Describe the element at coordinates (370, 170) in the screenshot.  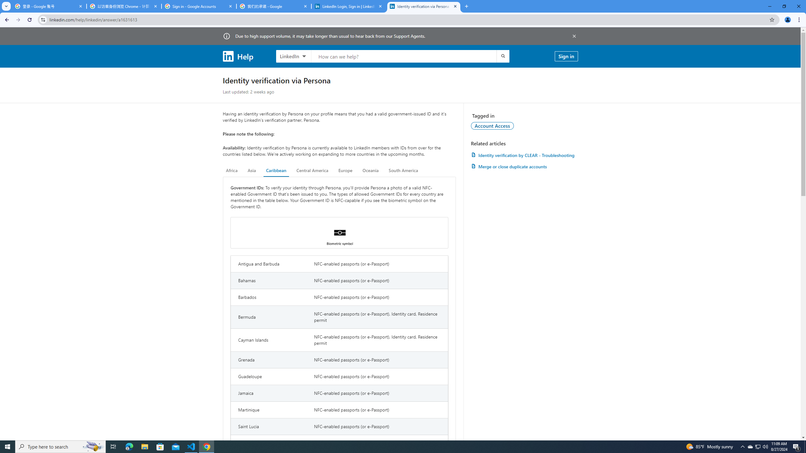
I see `'Oceania'` at that location.